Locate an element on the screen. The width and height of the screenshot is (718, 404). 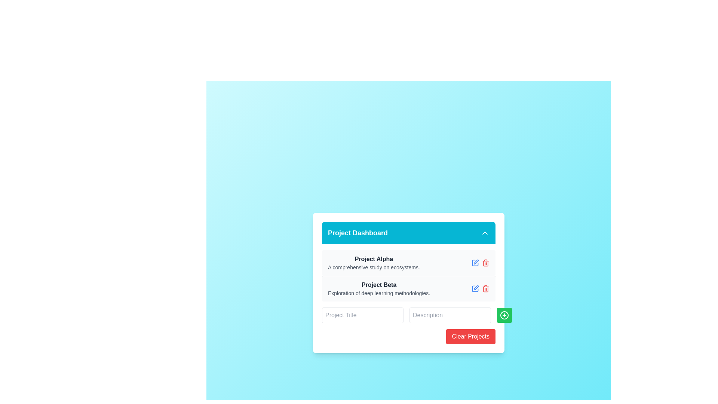
the informational text label providing details for 'Project Beta', located directly below the project title within the Project Dashboard is located at coordinates (379, 293).